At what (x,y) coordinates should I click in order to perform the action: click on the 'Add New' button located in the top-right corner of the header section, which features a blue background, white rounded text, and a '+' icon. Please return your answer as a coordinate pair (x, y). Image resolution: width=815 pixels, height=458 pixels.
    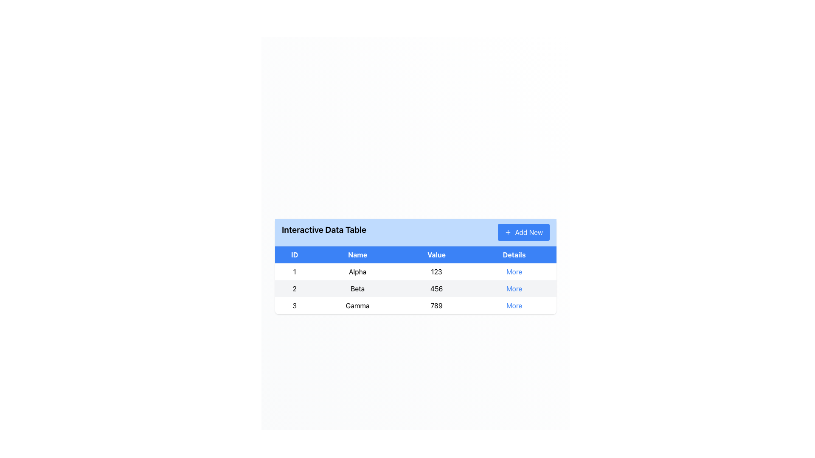
    Looking at the image, I should click on (523, 232).